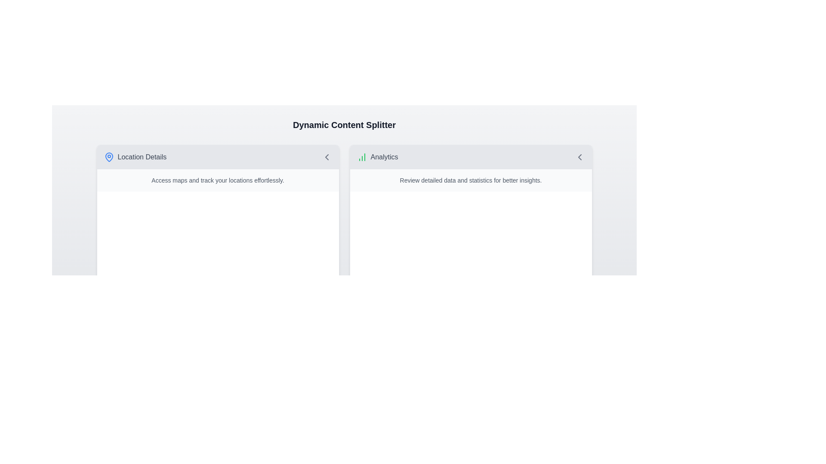  I want to click on the 'Location Details' button located at the top-left corner of the card structure to possibly show tooltips, so click(218, 157).